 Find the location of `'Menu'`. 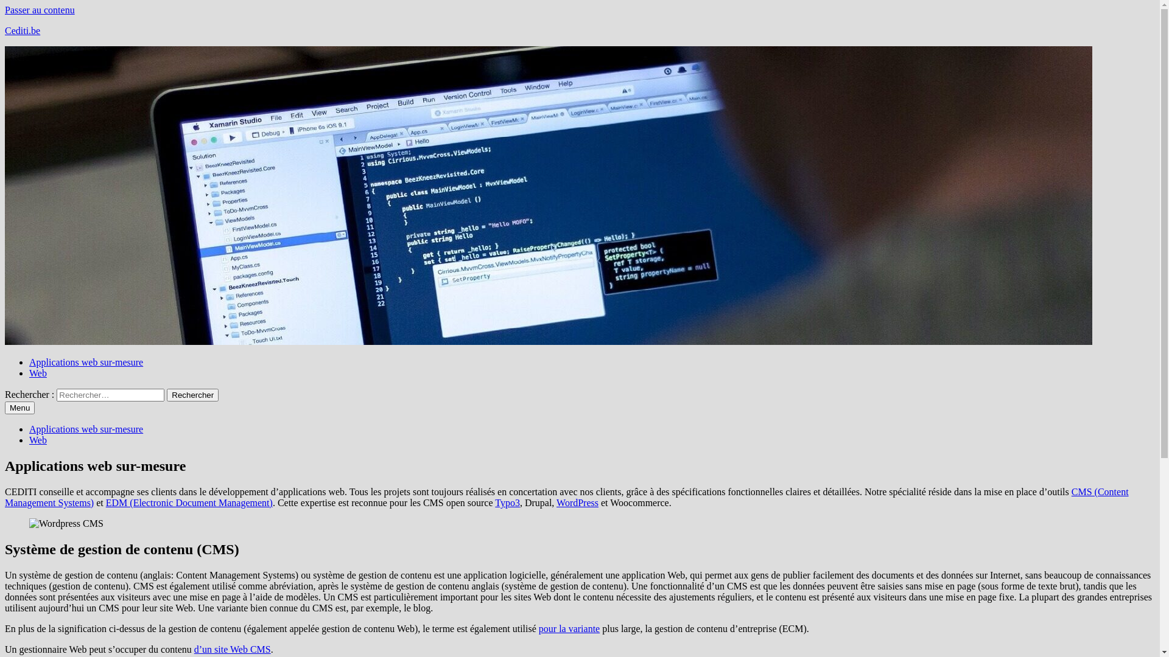

'Menu' is located at coordinates (19, 408).